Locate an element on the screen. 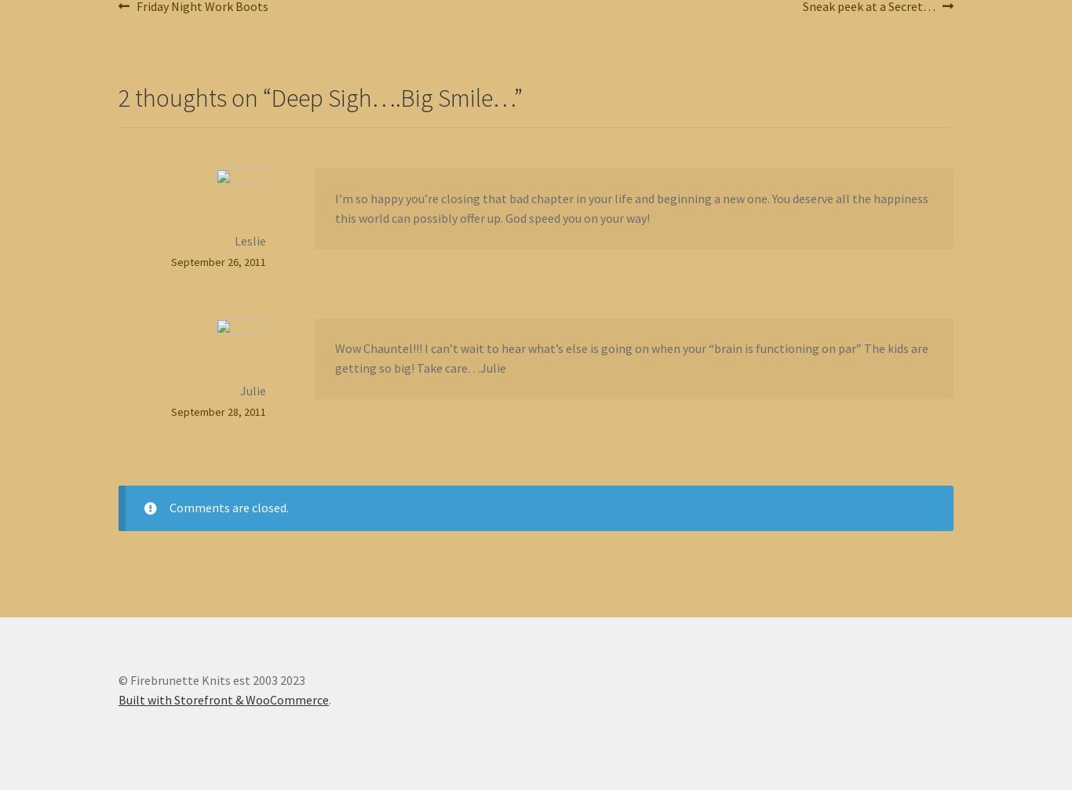 The height and width of the screenshot is (790, 1072). '2 thoughts on “' is located at coordinates (195, 96).